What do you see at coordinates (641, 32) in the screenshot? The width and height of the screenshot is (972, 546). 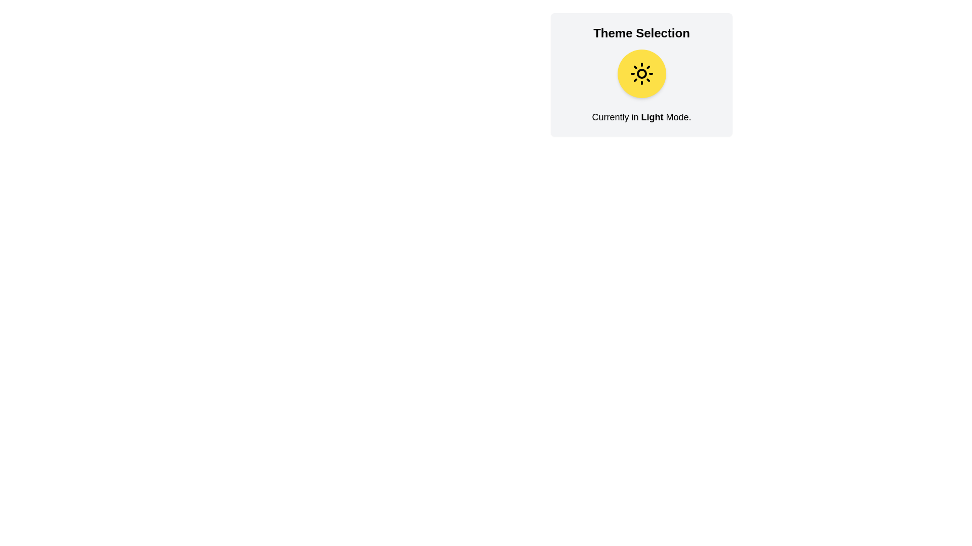 I see `the Heading or Title Text, which serves as the title for the 'Theme Selection' section, located above a yellow circular icon with a sun symbol` at bounding box center [641, 32].